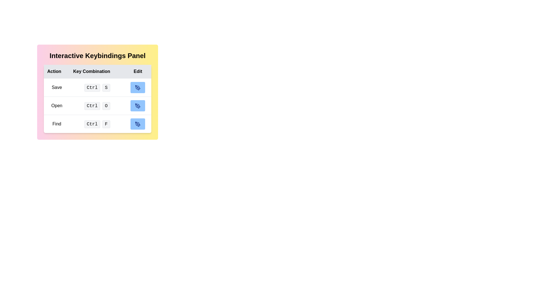  I want to click on the label 'F' in the rectangular box with rounded corners, part of the 'Interactive Keybindings Panel' for the 'Find' action, so click(106, 124).